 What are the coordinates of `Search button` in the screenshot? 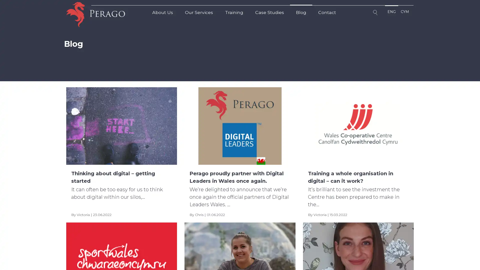 It's located at (376, 13).